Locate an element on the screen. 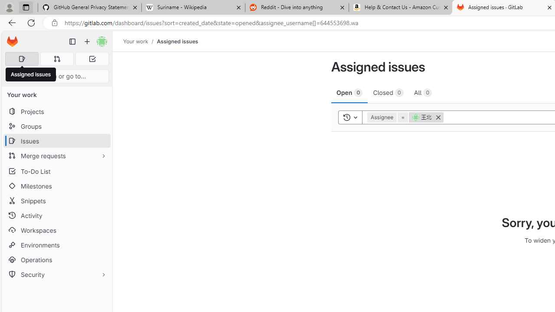  'Open 0' is located at coordinates (349, 92).